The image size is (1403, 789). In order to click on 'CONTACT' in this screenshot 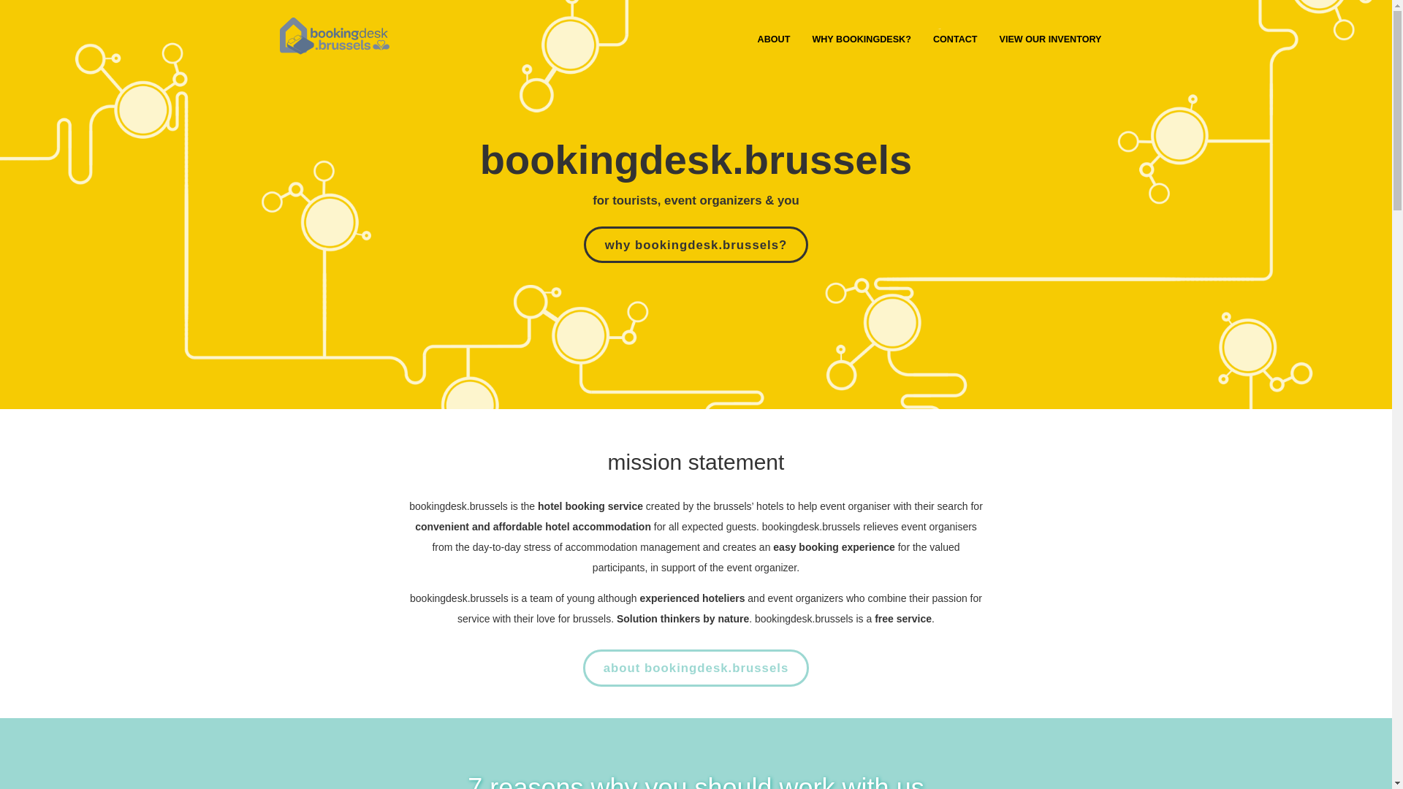, I will do `click(955, 39)`.